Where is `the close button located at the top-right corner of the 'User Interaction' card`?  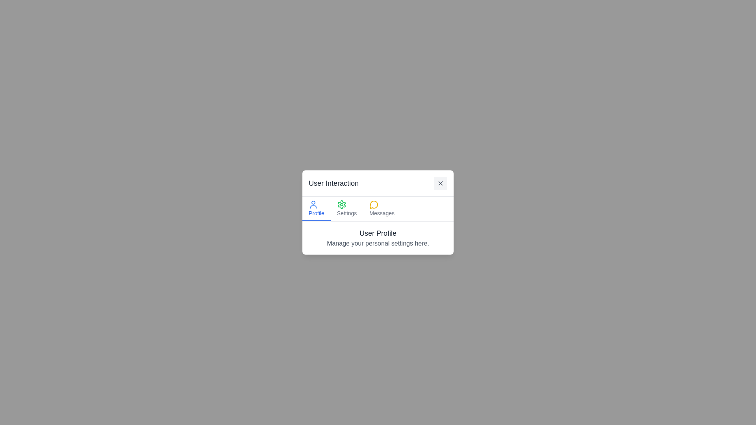 the close button located at the top-right corner of the 'User Interaction' card is located at coordinates (440, 183).